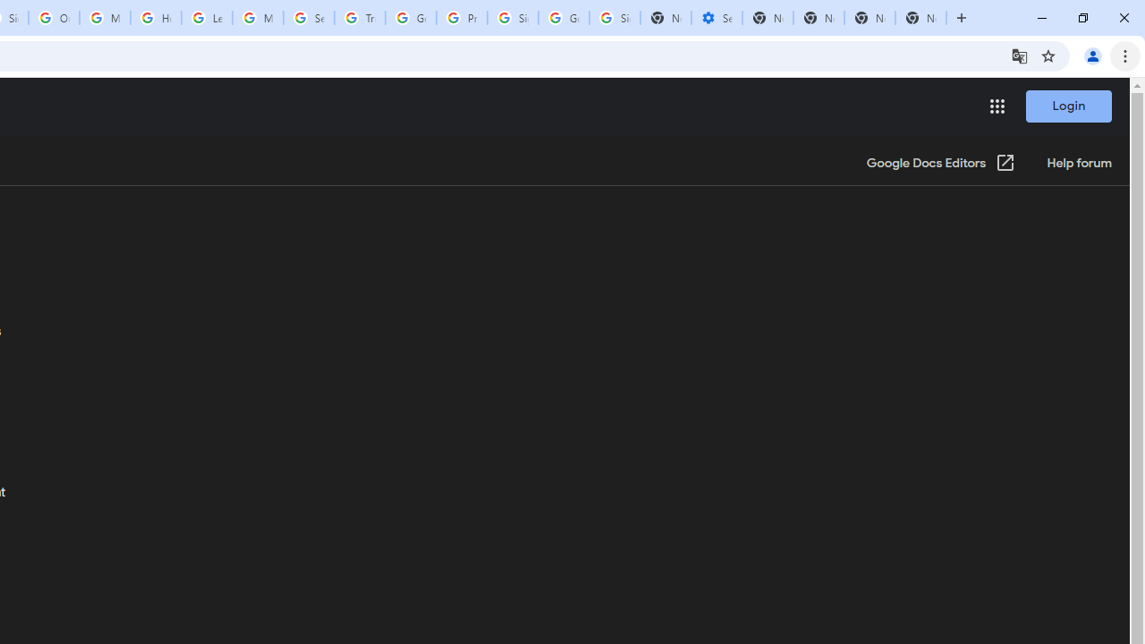 The height and width of the screenshot is (644, 1145). I want to click on 'Chrome', so click(1126, 55).